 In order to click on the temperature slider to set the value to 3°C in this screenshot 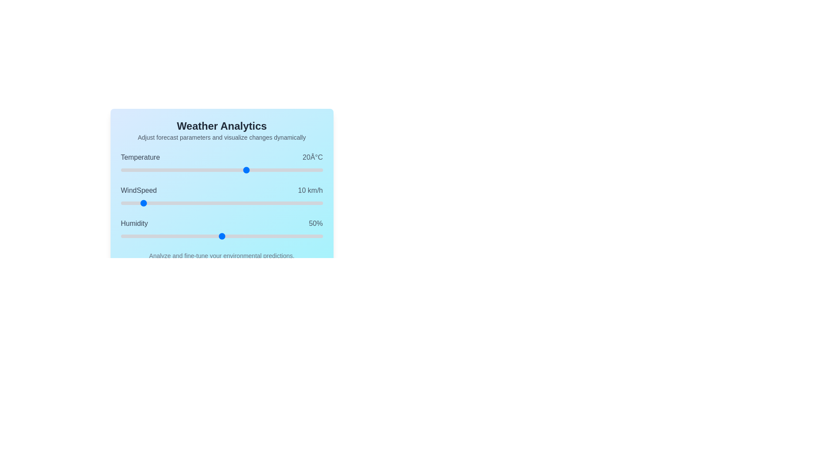, I will do `click(203, 170)`.